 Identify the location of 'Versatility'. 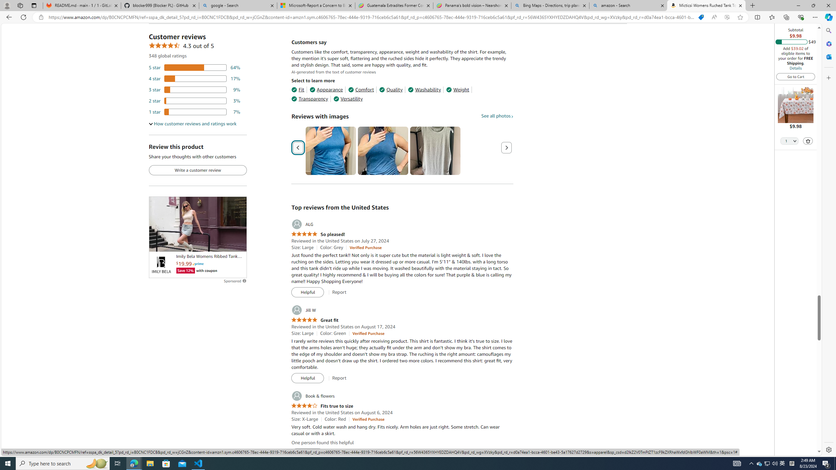
(347, 99).